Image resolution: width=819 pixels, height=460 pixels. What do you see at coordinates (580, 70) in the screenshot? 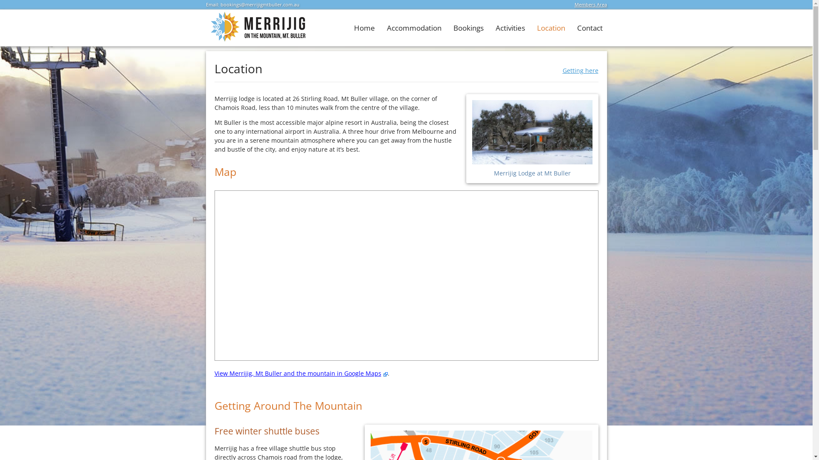
I see `'Getting here'` at bounding box center [580, 70].